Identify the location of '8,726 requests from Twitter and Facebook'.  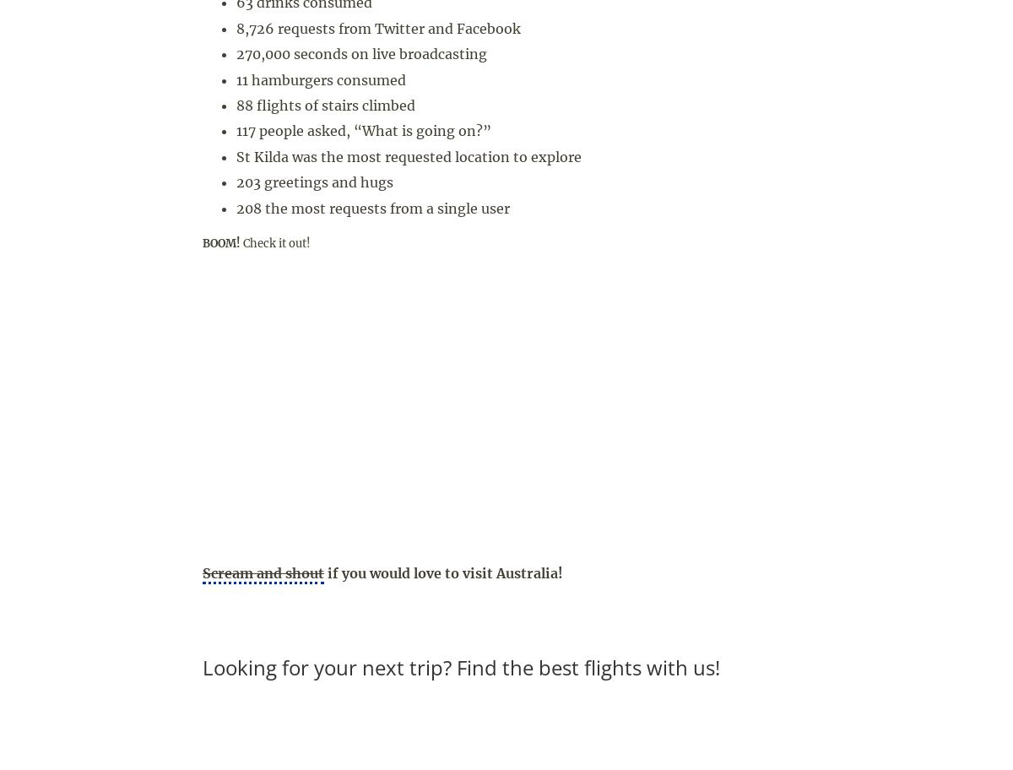
(378, 28).